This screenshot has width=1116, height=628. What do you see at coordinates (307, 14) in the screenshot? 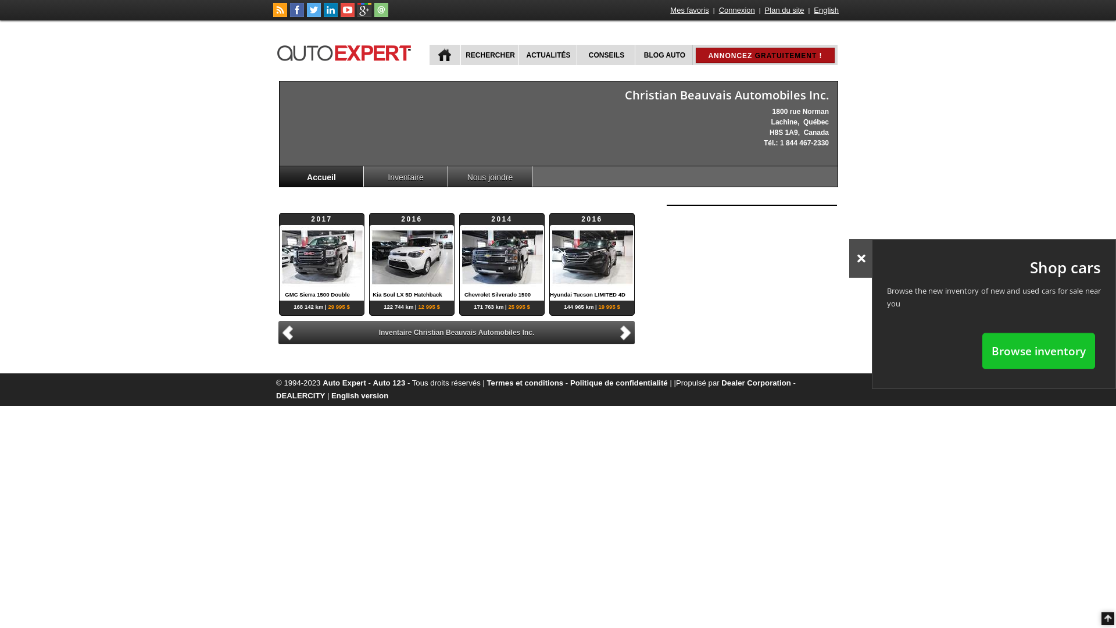
I see `'Suivez autoExpert.ca sur Twitter'` at bounding box center [307, 14].